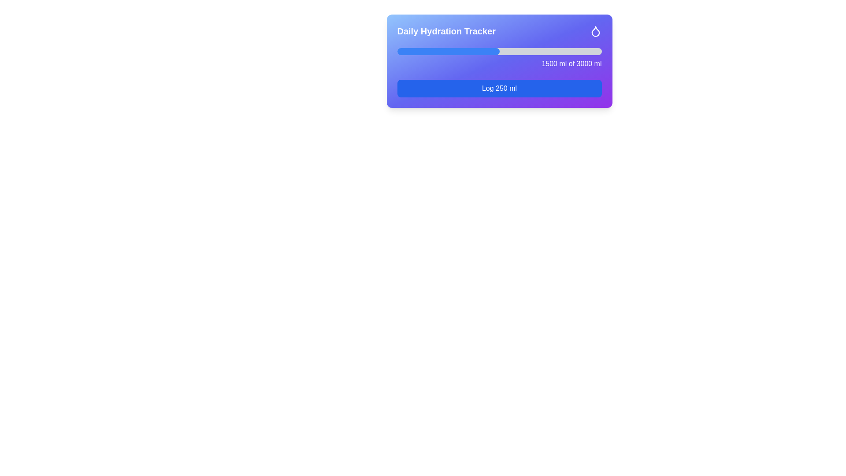 The image size is (846, 476). Describe the element at coordinates (499, 88) in the screenshot. I see `the button at the bottom of the 'Daily Hydration Tracker' widget to log an additional 250 ml of hydration intake` at that location.